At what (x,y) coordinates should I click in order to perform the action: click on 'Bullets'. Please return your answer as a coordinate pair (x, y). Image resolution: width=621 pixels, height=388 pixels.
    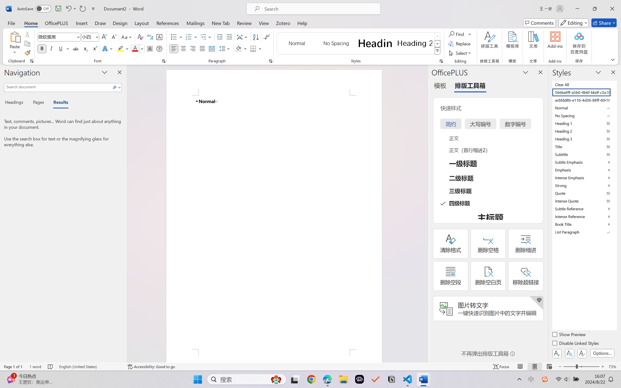
    Looking at the image, I should click on (174, 37).